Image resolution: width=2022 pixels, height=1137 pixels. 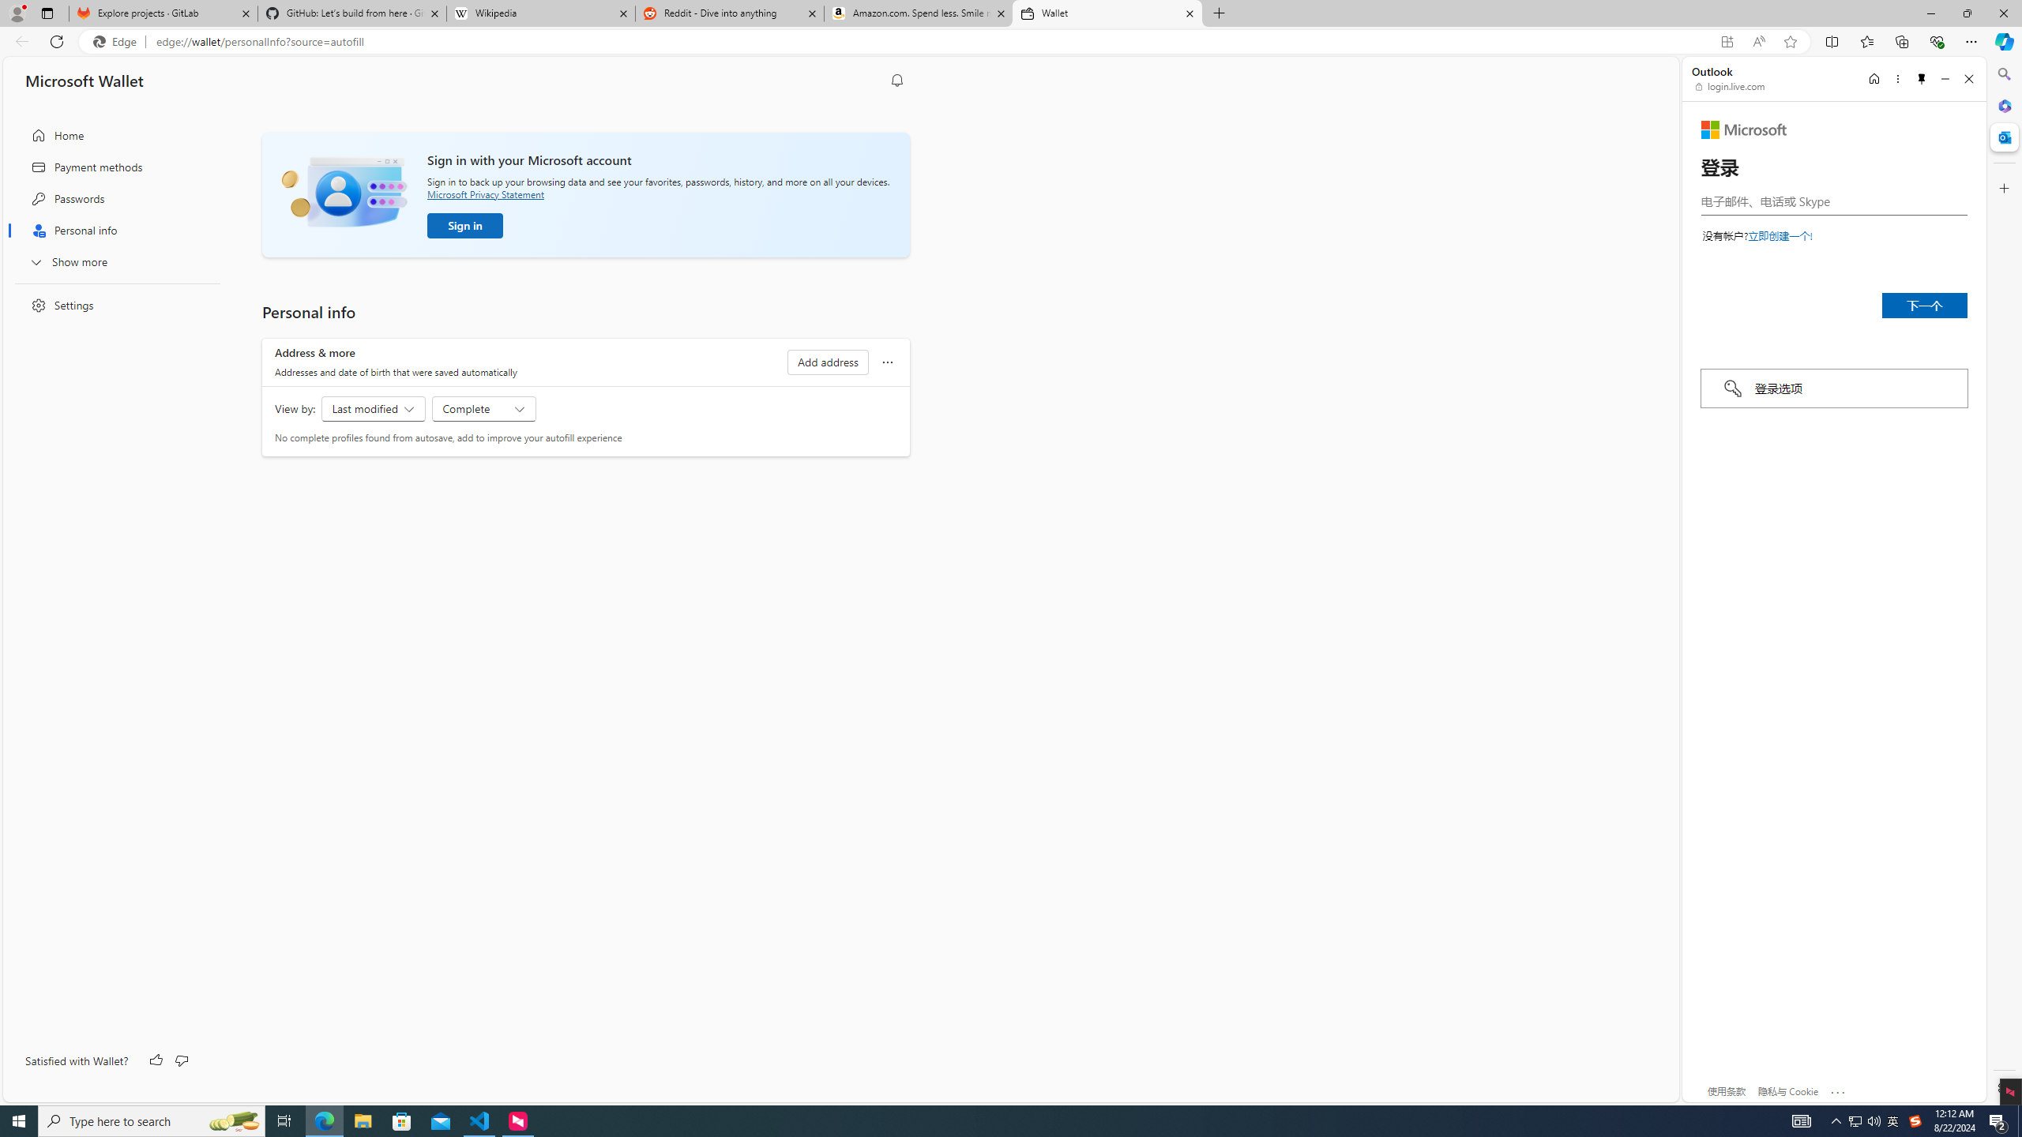 What do you see at coordinates (112, 261) in the screenshot?
I see `'Show more'` at bounding box center [112, 261].